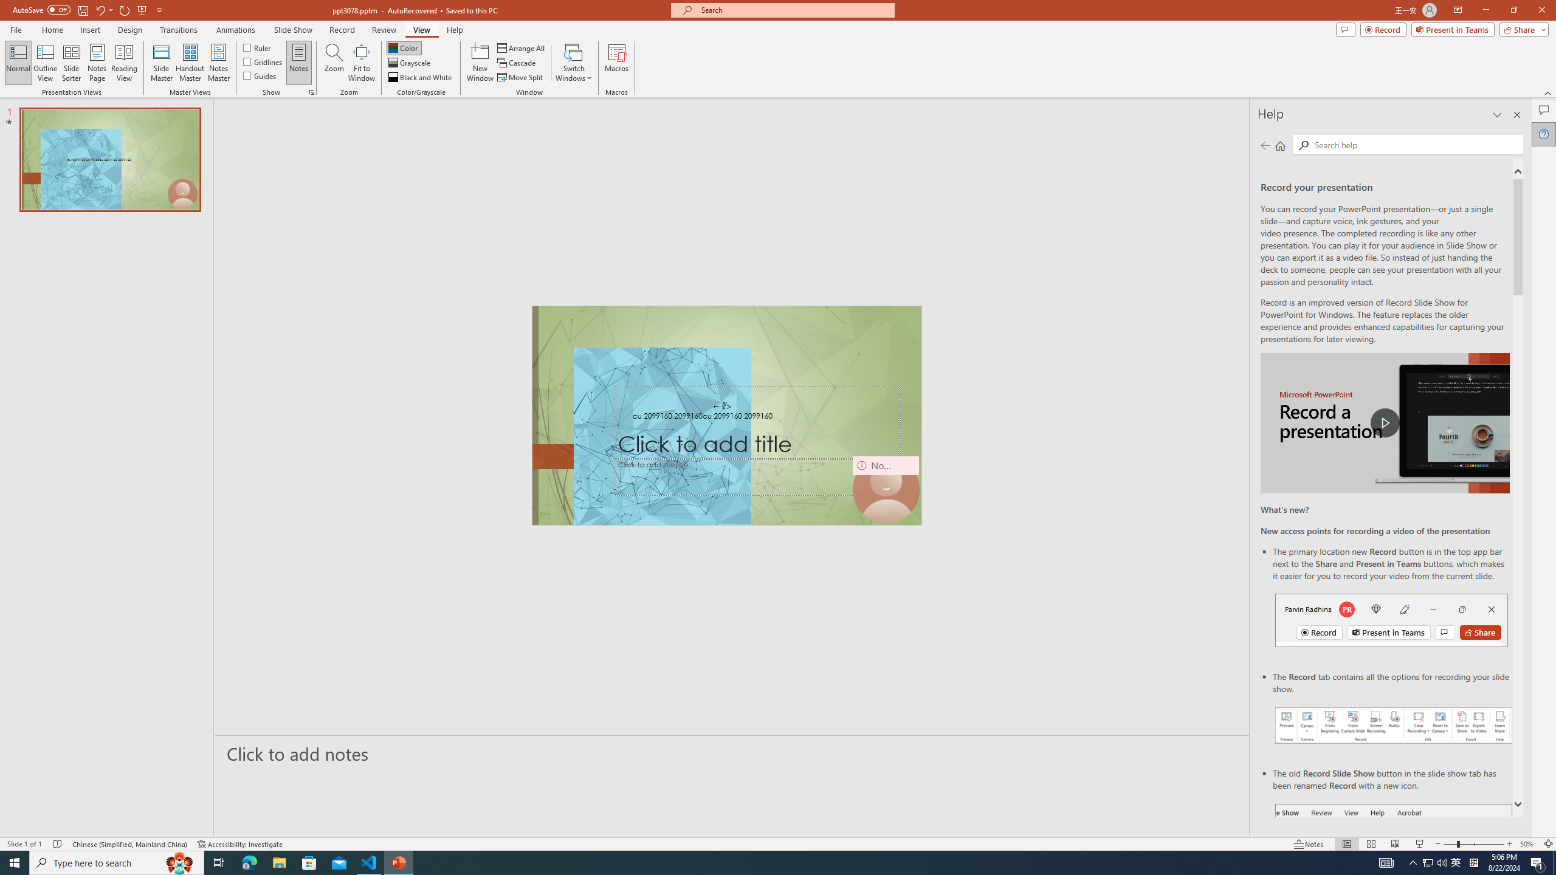  What do you see at coordinates (263, 60) in the screenshot?
I see `'Gridlines'` at bounding box center [263, 60].